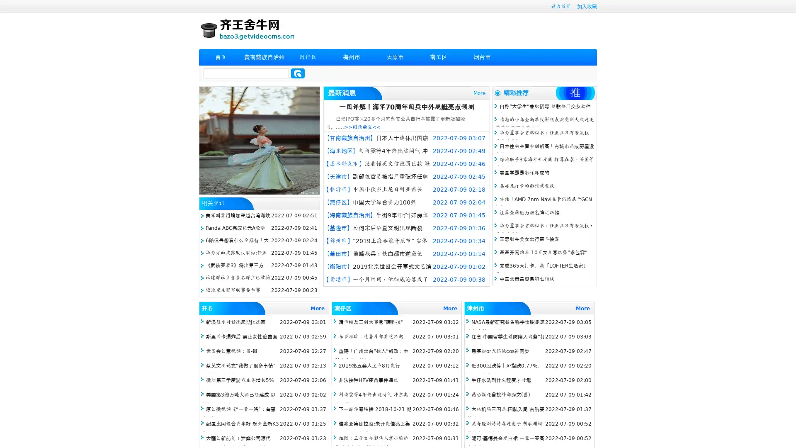 The width and height of the screenshot is (796, 448). Describe the element at coordinates (298, 73) in the screenshot. I see `Search` at that location.